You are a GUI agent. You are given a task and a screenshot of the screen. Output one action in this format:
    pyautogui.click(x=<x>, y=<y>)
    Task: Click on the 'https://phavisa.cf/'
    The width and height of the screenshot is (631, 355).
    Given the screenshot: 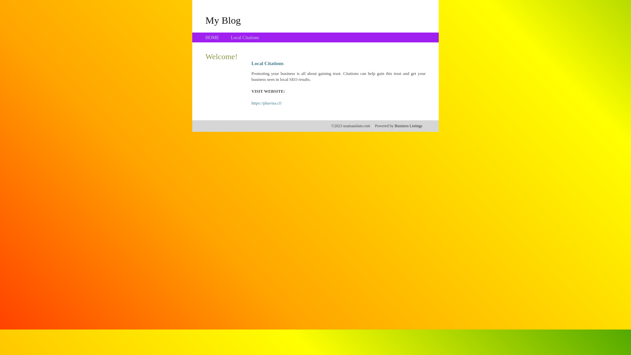 What is the action you would take?
    pyautogui.click(x=267, y=103)
    